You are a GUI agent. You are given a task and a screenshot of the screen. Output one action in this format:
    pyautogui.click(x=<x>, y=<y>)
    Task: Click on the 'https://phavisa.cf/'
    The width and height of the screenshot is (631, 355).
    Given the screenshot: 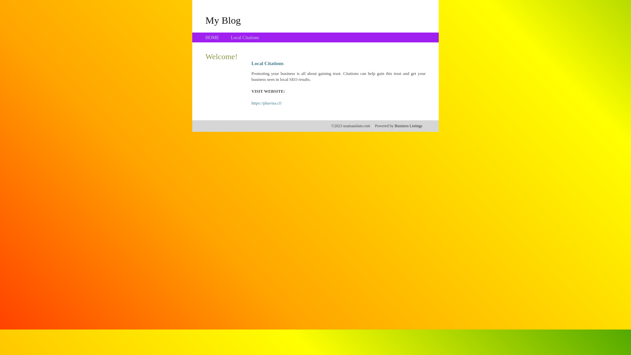 What is the action you would take?
    pyautogui.click(x=267, y=103)
    